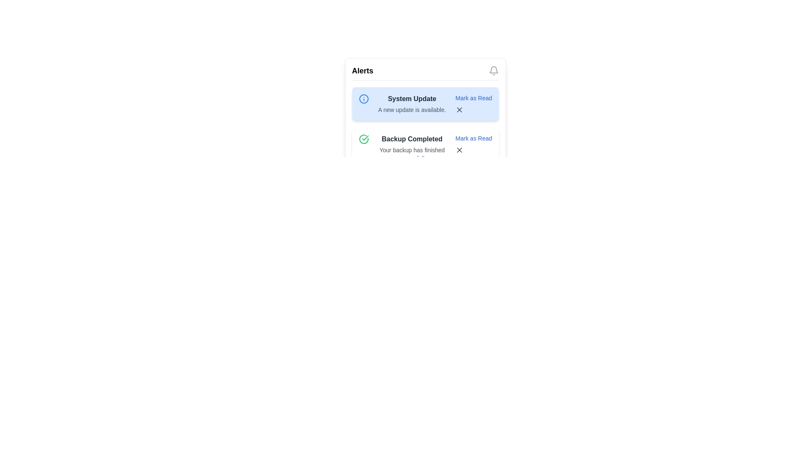 The width and height of the screenshot is (805, 453). Describe the element at coordinates (412, 154) in the screenshot. I see `the status message text label located beneath 'Backup Completed' in the second notification block, which provides information about the backup process completion` at that location.